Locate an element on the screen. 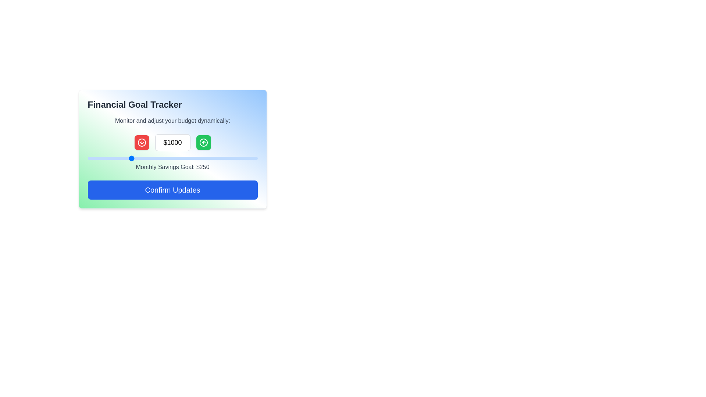  the text label displaying 'Monitor and adjust your budget dynamically:' which is located below the 'Financial Goal Tracker' heading and above the budget adjustment section is located at coordinates (172, 120).